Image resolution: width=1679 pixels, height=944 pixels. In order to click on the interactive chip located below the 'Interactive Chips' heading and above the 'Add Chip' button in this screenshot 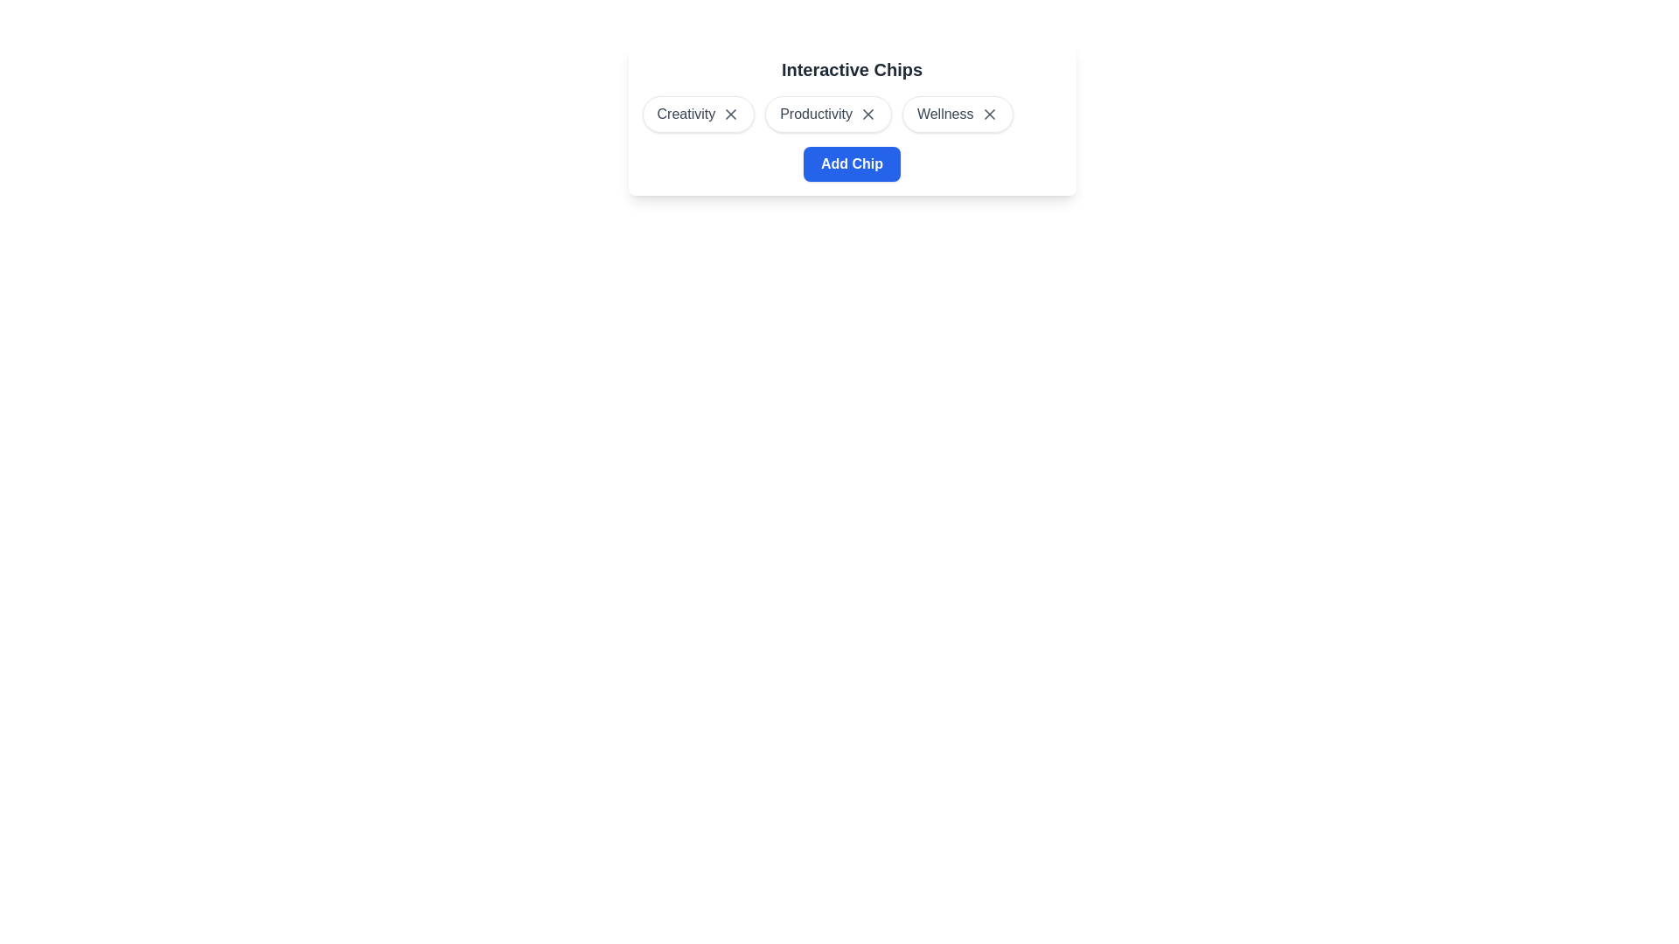, I will do `click(852, 115)`.